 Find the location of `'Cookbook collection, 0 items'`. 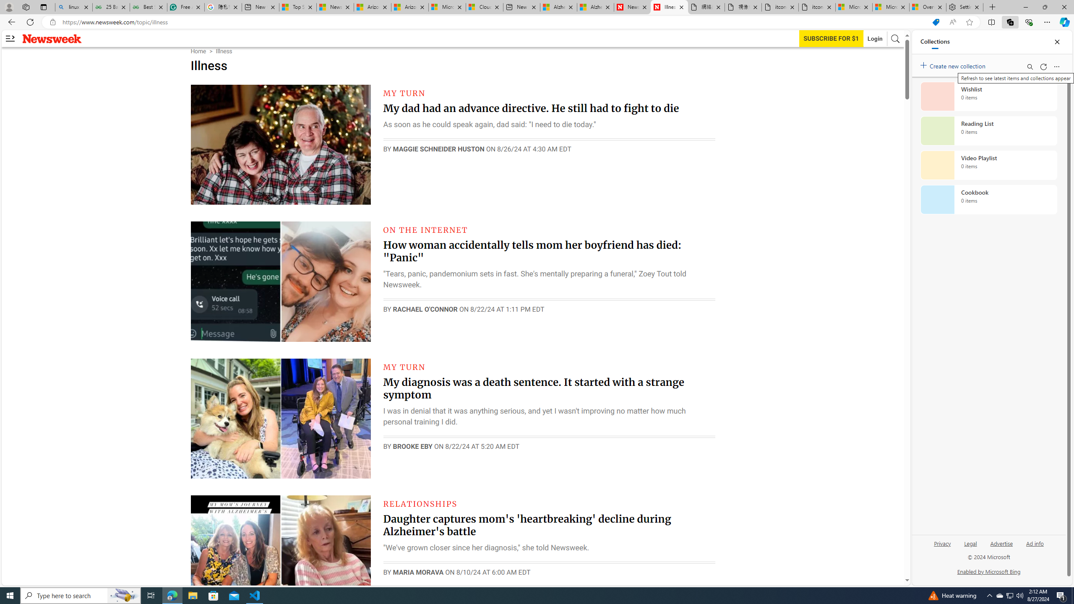

'Cookbook collection, 0 items' is located at coordinates (988, 199).